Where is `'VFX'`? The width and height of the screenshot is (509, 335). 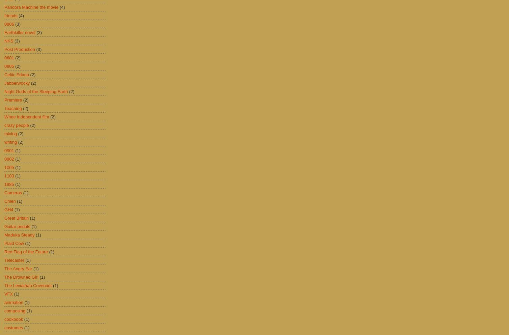 'VFX' is located at coordinates (4, 293).